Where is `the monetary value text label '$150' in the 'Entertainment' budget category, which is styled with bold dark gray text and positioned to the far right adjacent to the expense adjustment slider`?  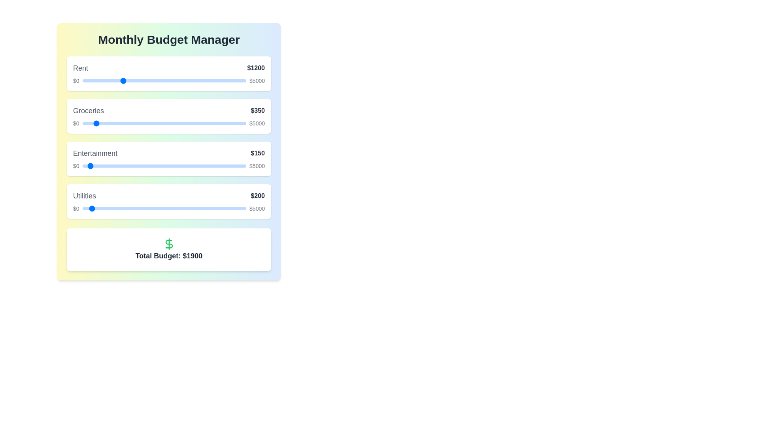 the monetary value text label '$150' in the 'Entertainment' budget category, which is styled with bold dark gray text and positioned to the far right adjacent to the expense adjustment slider is located at coordinates (258, 153).